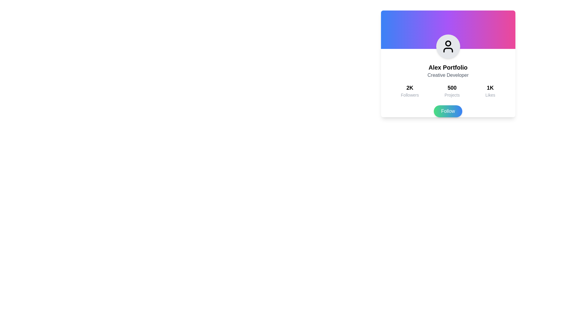 Image resolution: width=576 pixels, height=324 pixels. I want to click on the 'Follow' button, which has a gradient background from green to blue and bold white text, so click(448, 111).